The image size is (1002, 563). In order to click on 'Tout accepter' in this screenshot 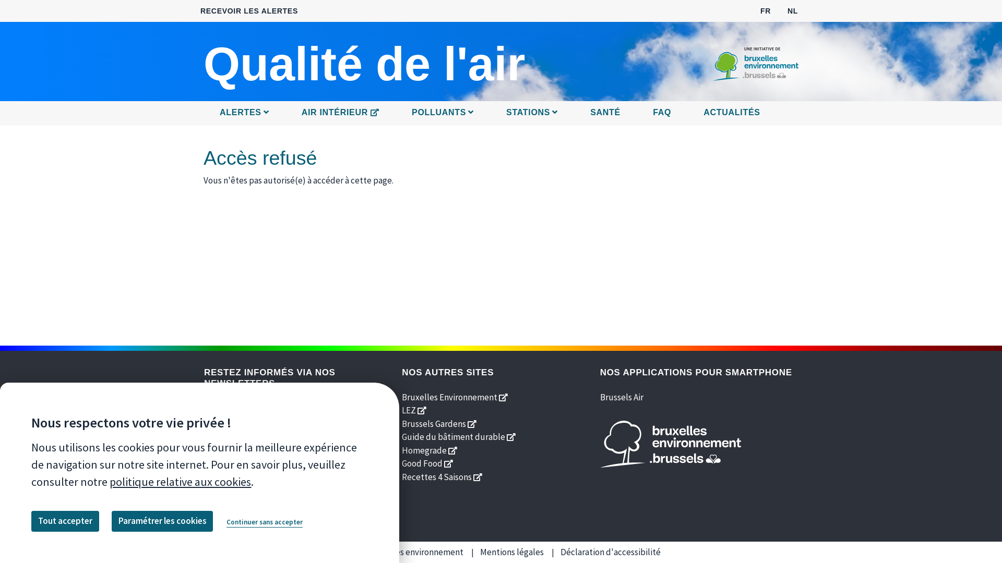, I will do `click(64, 521)`.